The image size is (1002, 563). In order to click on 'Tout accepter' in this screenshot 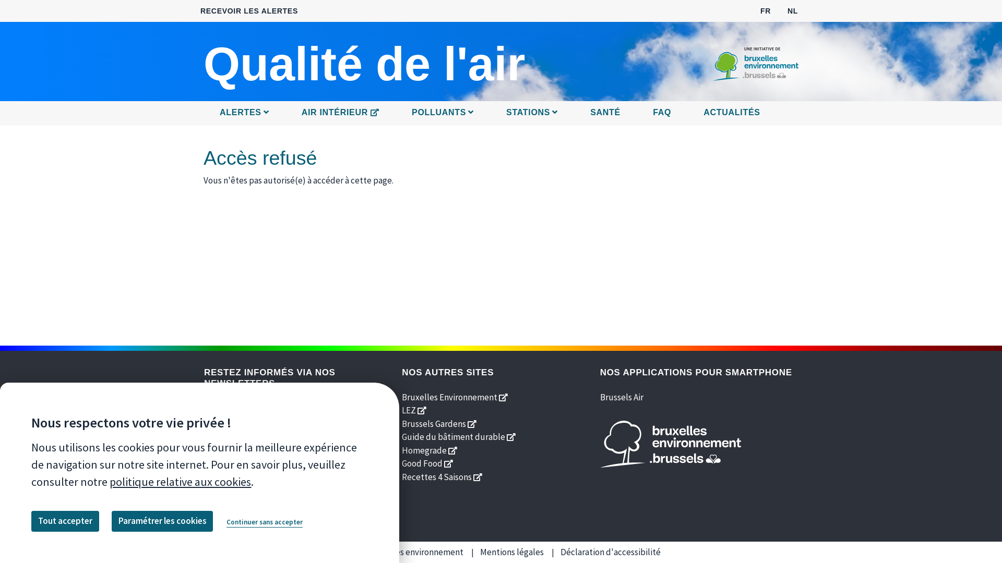, I will do `click(64, 521)`.